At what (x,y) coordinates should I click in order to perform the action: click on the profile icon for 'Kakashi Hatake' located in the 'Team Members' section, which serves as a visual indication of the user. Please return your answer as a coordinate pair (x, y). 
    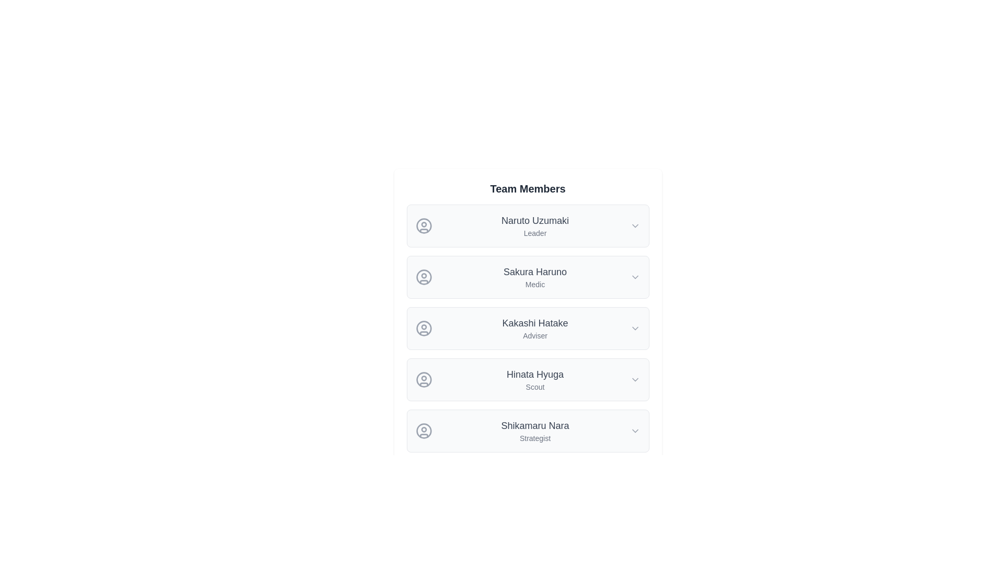
    Looking at the image, I should click on (424, 328).